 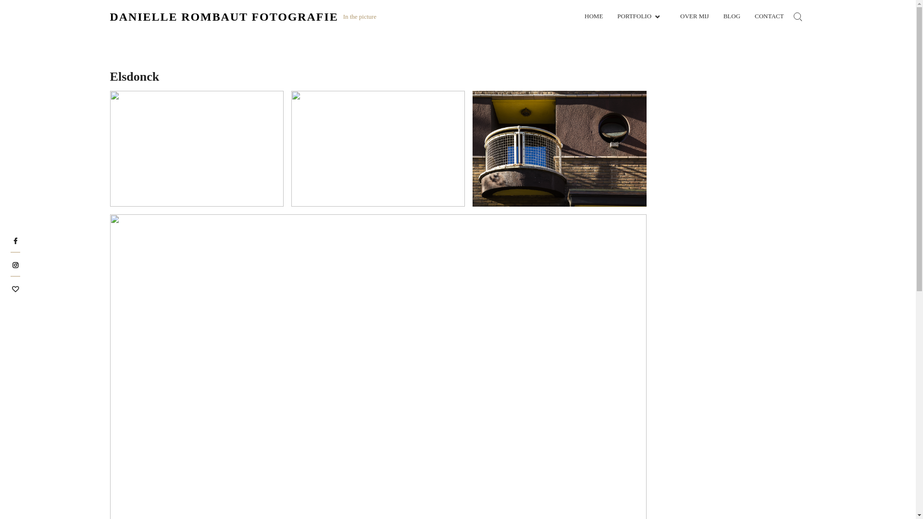 I want to click on 'HOME', so click(x=593, y=16).